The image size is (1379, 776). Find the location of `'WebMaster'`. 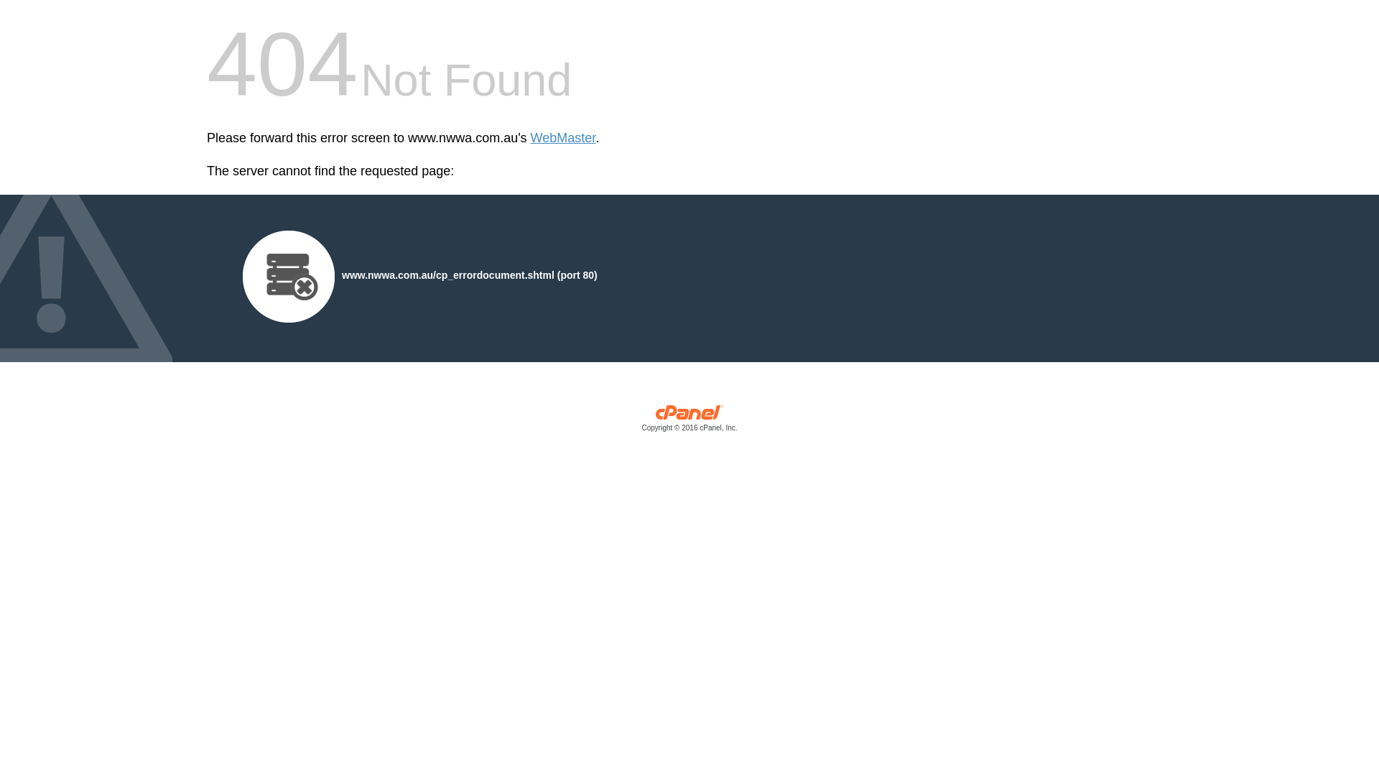

'WebMaster' is located at coordinates (562, 138).